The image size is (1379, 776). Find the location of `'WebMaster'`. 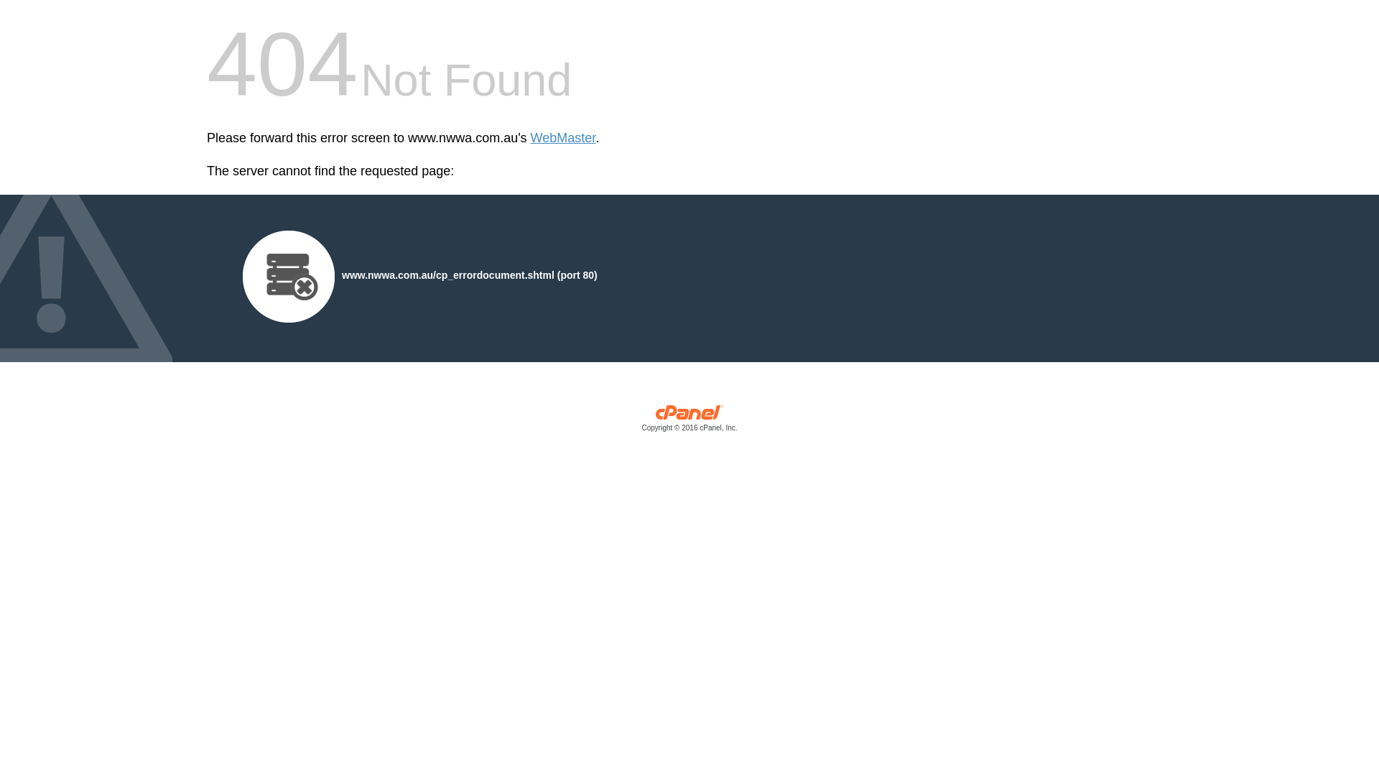

'WebMaster' is located at coordinates (562, 138).